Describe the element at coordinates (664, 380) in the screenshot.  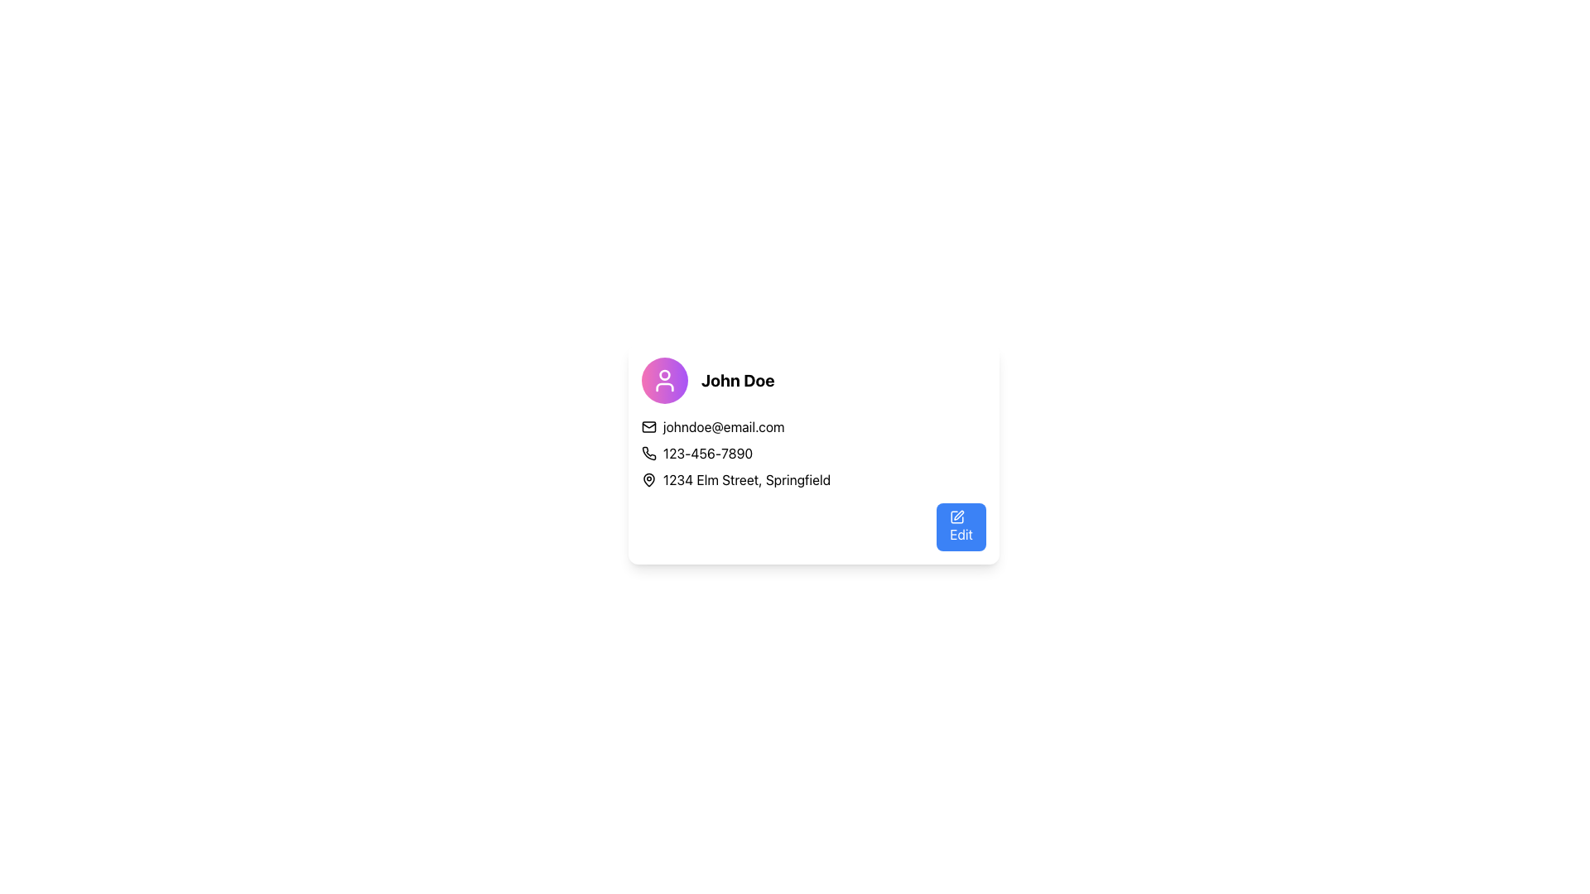
I see `the decorative icon representing the user, positioned to the left of the text 'John Doe' at the top of the profile card` at that location.